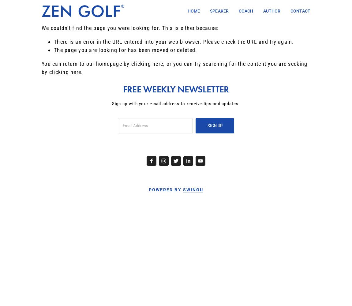 The height and width of the screenshot is (306, 352). Describe the element at coordinates (174, 42) in the screenshot. I see `'There is an error in the URL entered into your web browser. Please check the URL and try again.'` at that location.